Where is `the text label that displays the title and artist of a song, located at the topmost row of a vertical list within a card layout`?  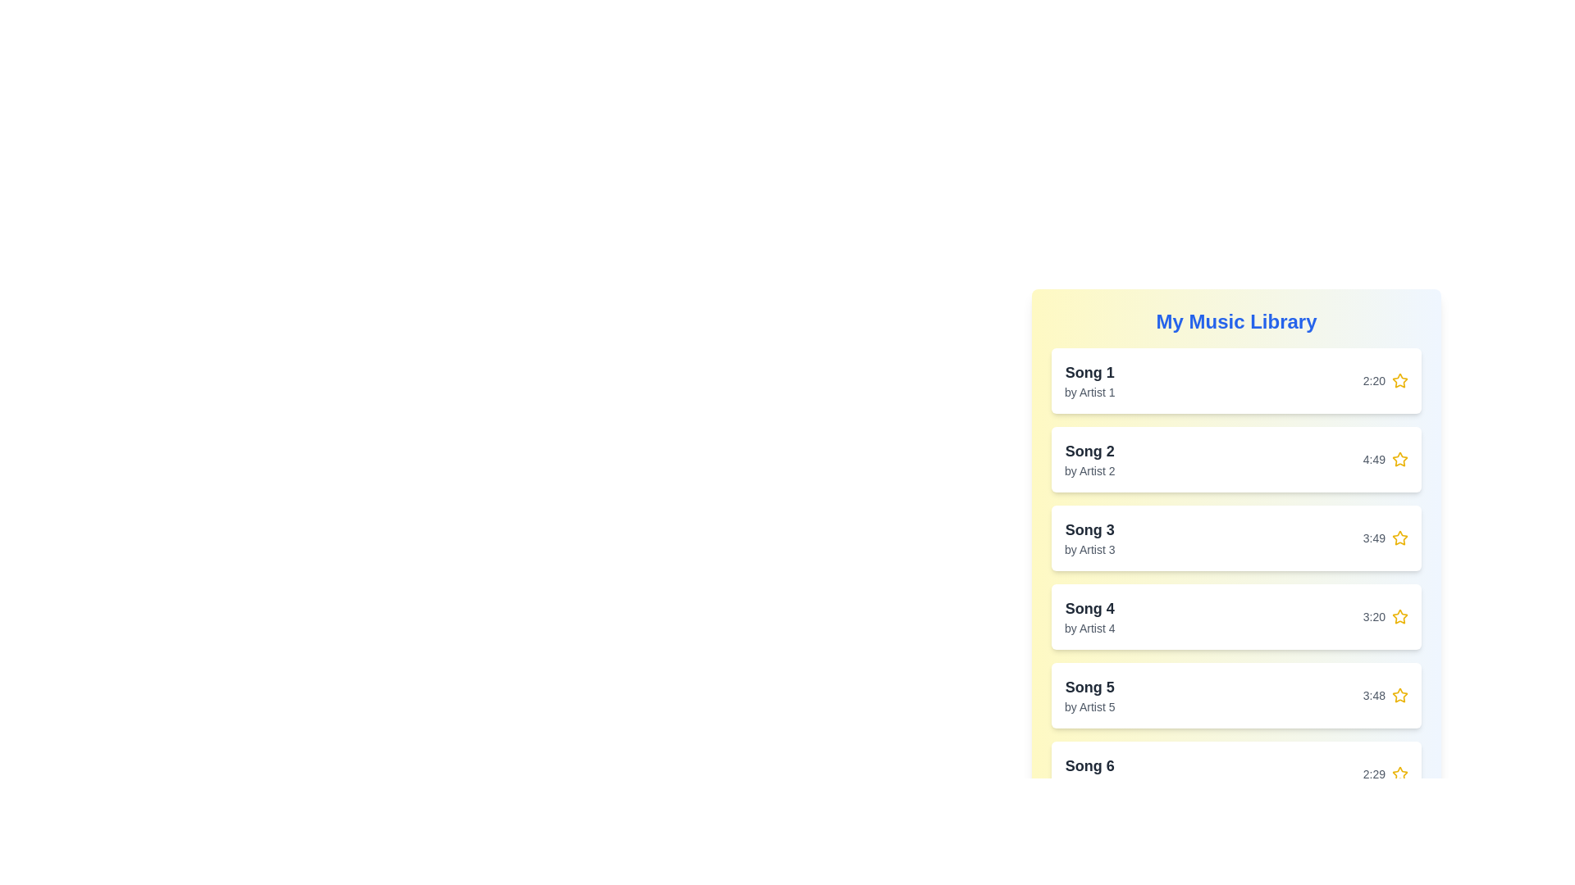 the text label that displays the title and artist of a song, located at the topmost row of a vertical list within a card layout is located at coordinates (1089, 381).